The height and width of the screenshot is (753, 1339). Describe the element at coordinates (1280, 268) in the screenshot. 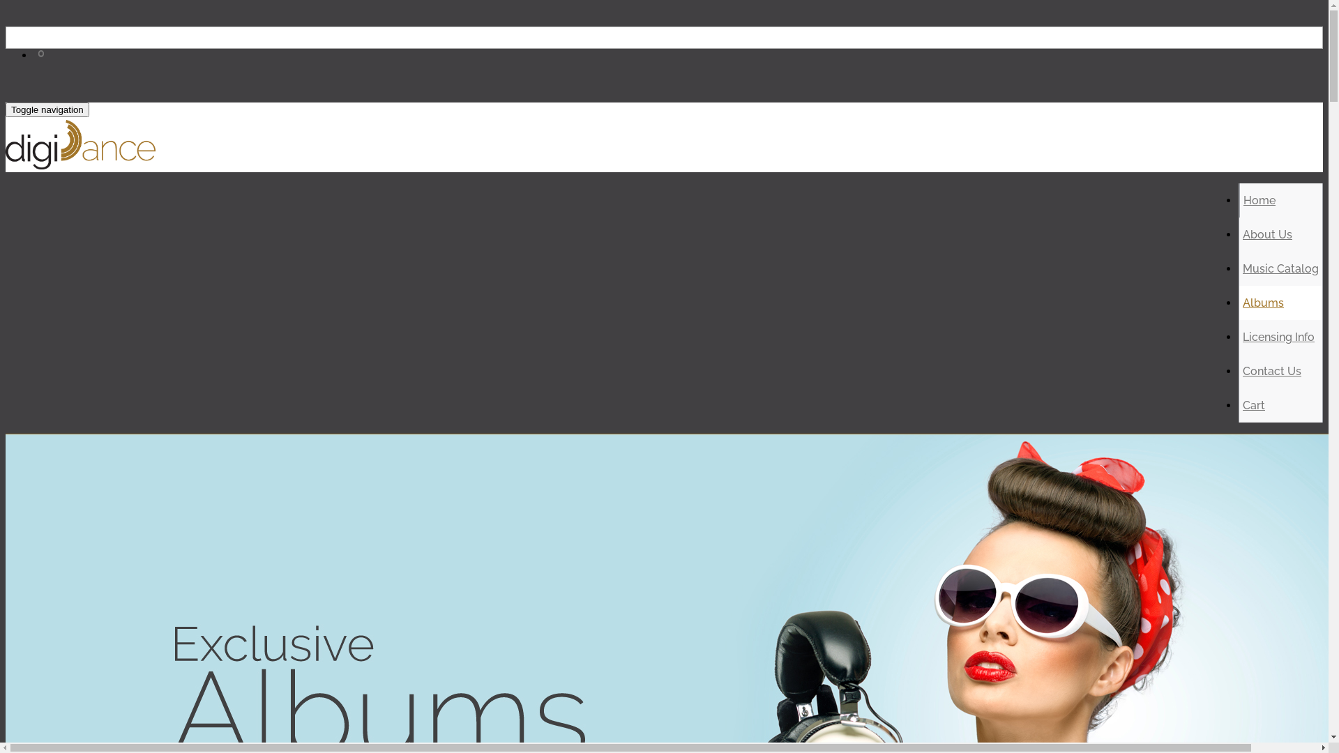

I see `'Music Catalog'` at that location.